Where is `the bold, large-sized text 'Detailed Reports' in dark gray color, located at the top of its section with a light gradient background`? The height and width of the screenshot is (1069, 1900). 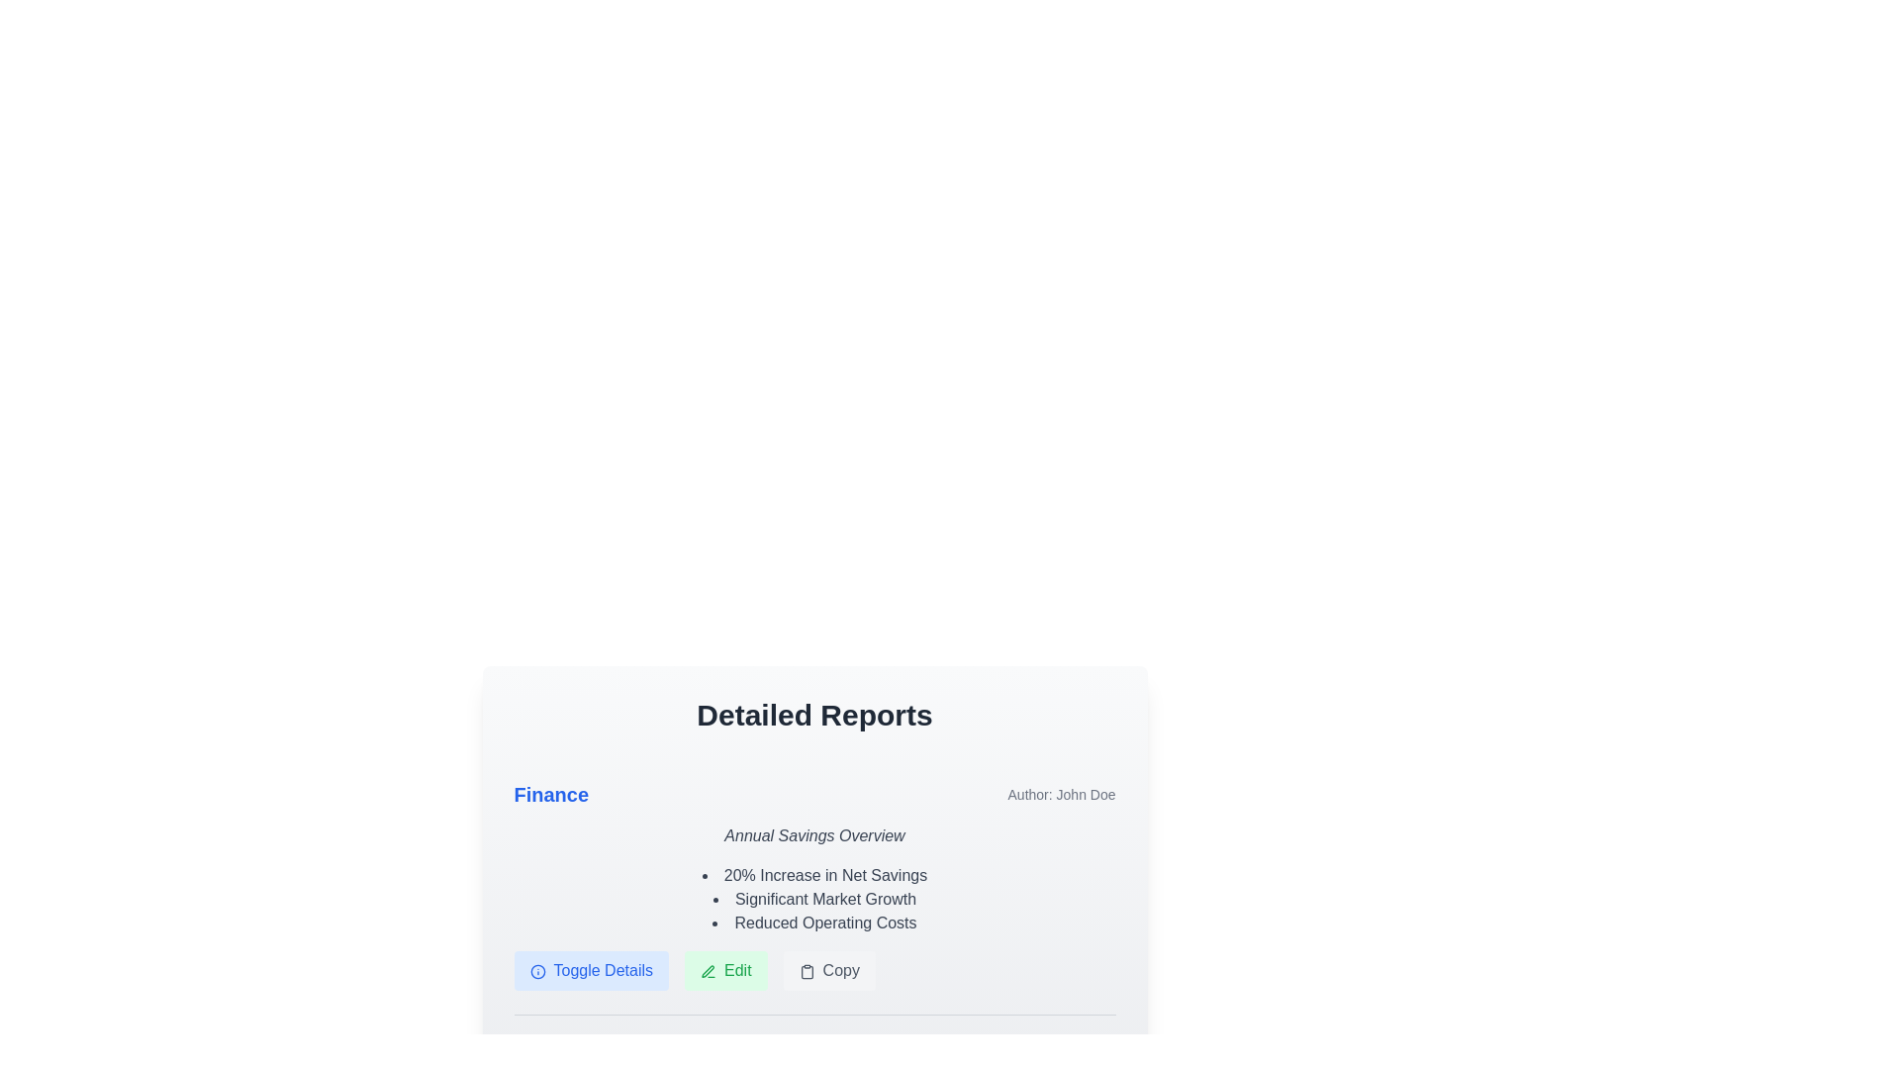 the bold, large-sized text 'Detailed Reports' in dark gray color, located at the top of its section with a light gradient background is located at coordinates (814, 715).